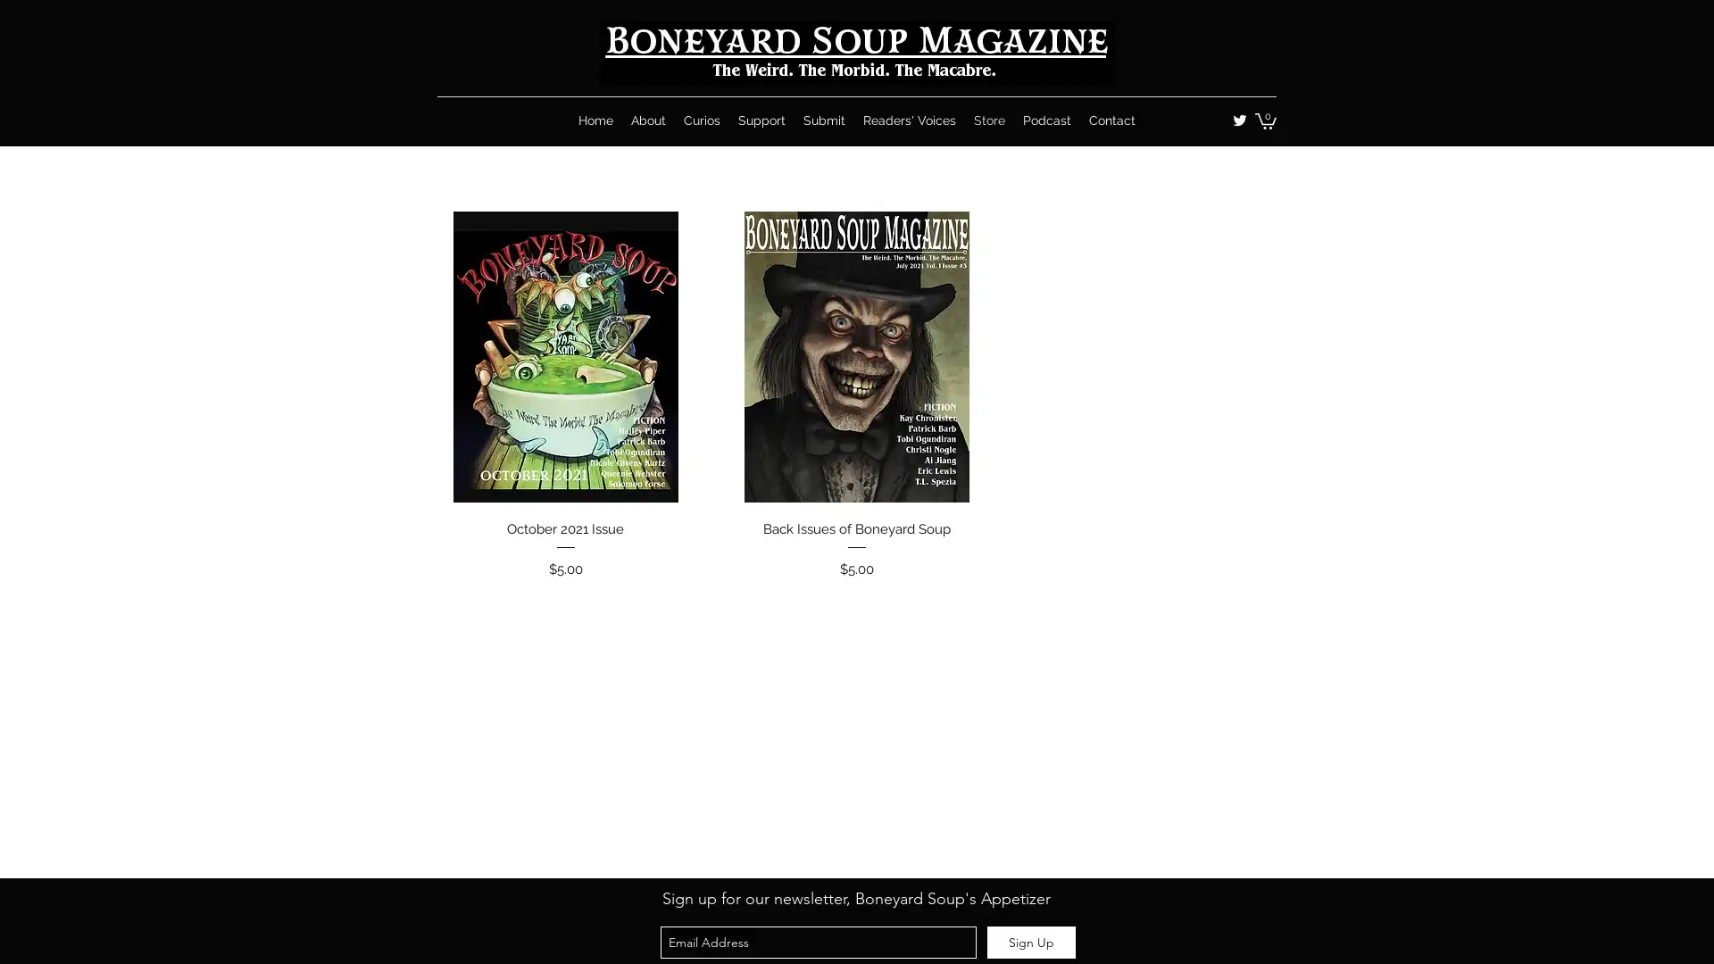  Describe the element at coordinates (1264, 120) in the screenshot. I see `Cart with 0 items` at that location.